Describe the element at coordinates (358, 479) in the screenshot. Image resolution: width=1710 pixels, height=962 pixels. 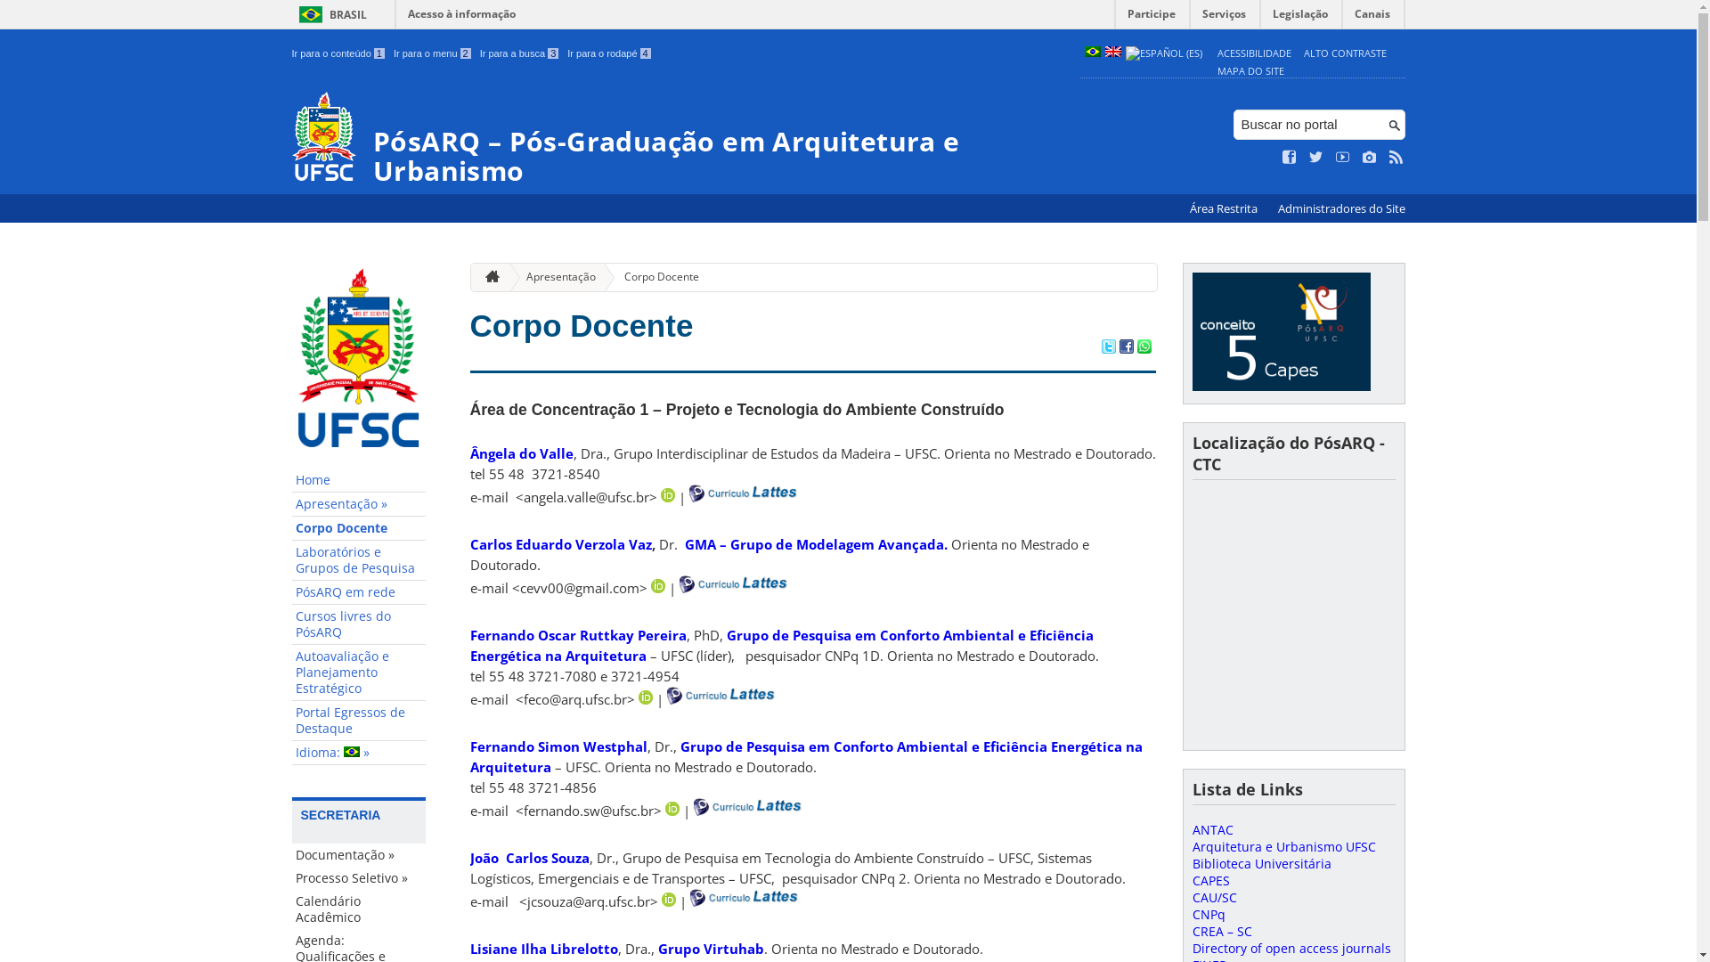
I see `'Home'` at that location.